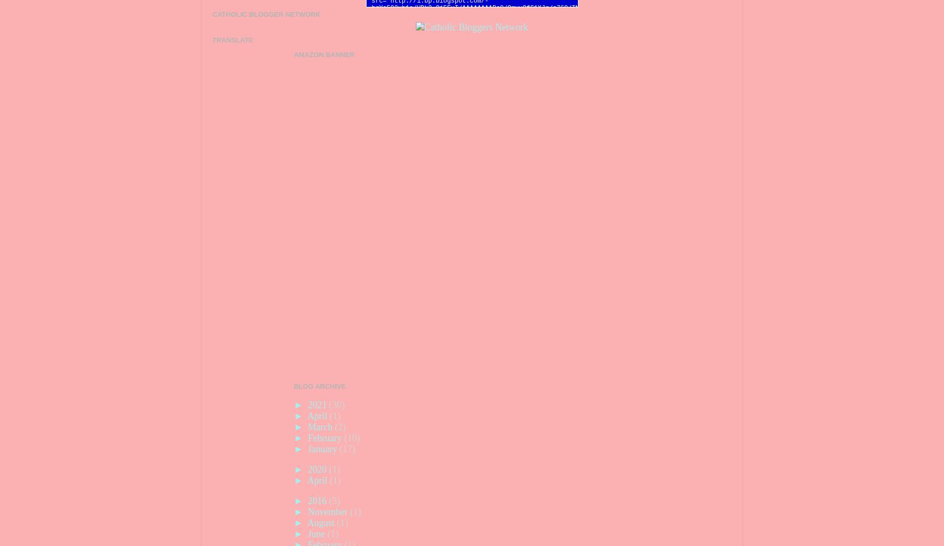 This screenshot has width=944, height=546. I want to click on 'March', so click(307, 427).